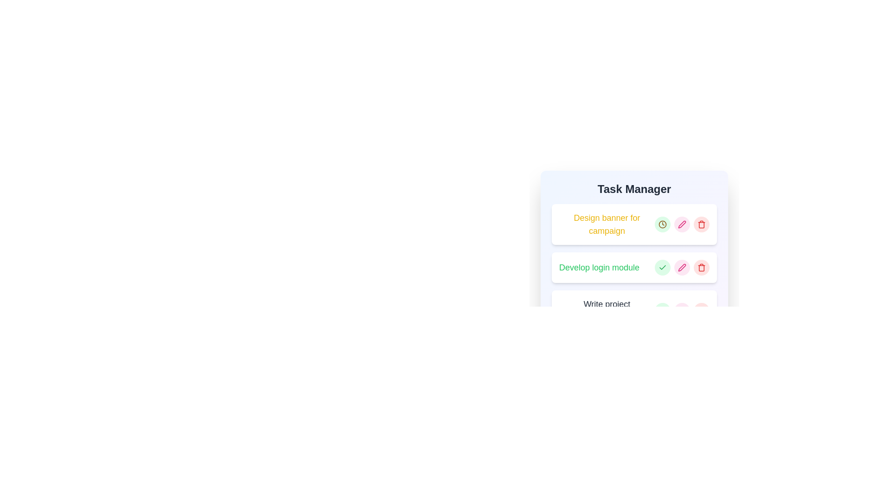 The image size is (891, 501). I want to click on the SVG Circle element that is part of a task management interface, located to the right of the 'Write project' task entry, so click(662, 311).